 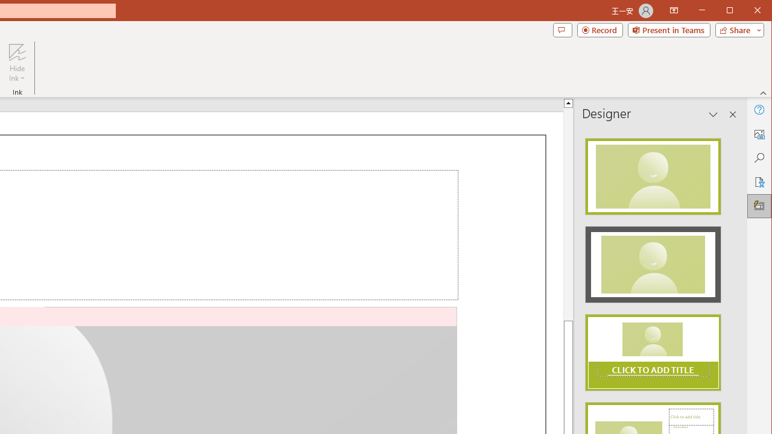 I want to click on 'Alt Text', so click(x=758, y=134).